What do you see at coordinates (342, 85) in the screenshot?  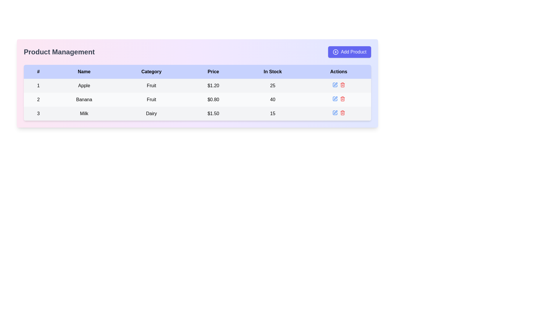 I see `the delete icon button located on the rightmost side of the 'Actions' column in the third row of the table` at bounding box center [342, 85].